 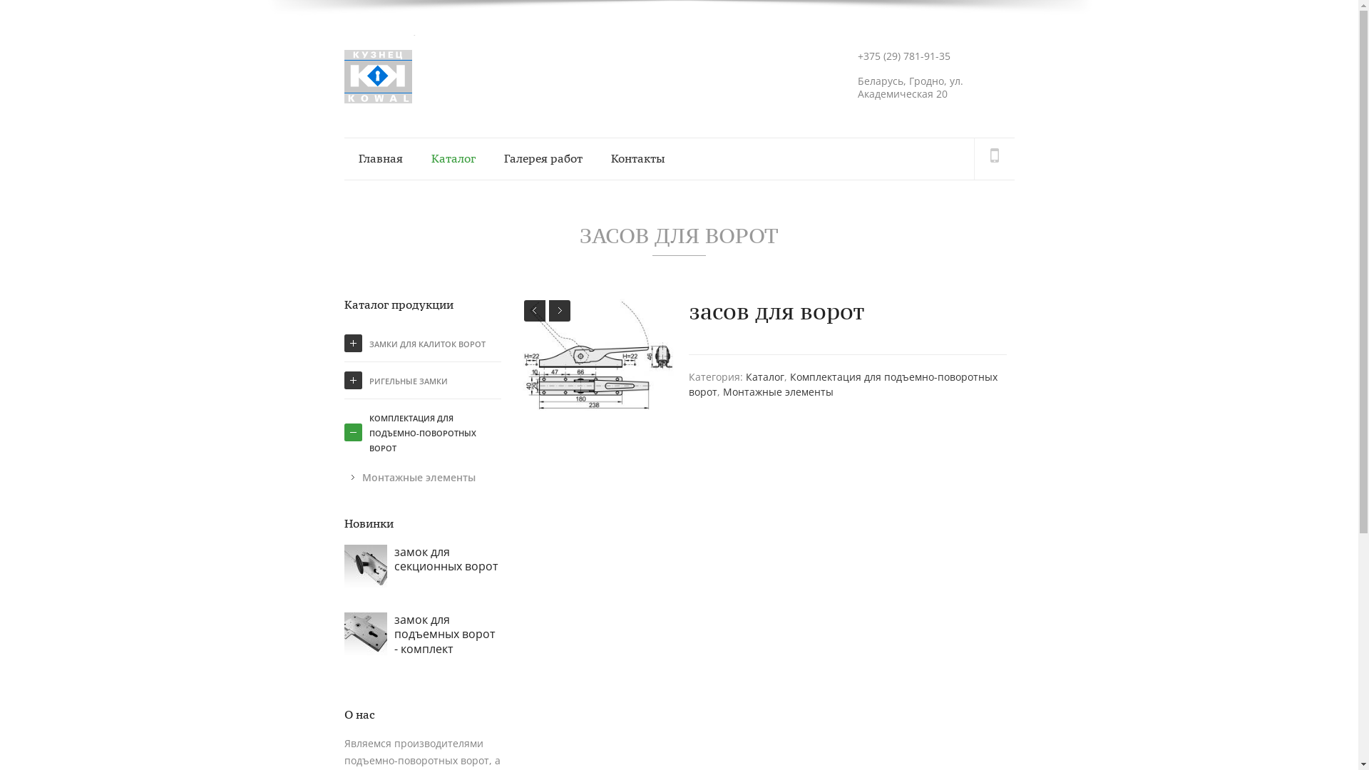 What do you see at coordinates (548, 309) in the screenshot?
I see `'Next'` at bounding box center [548, 309].